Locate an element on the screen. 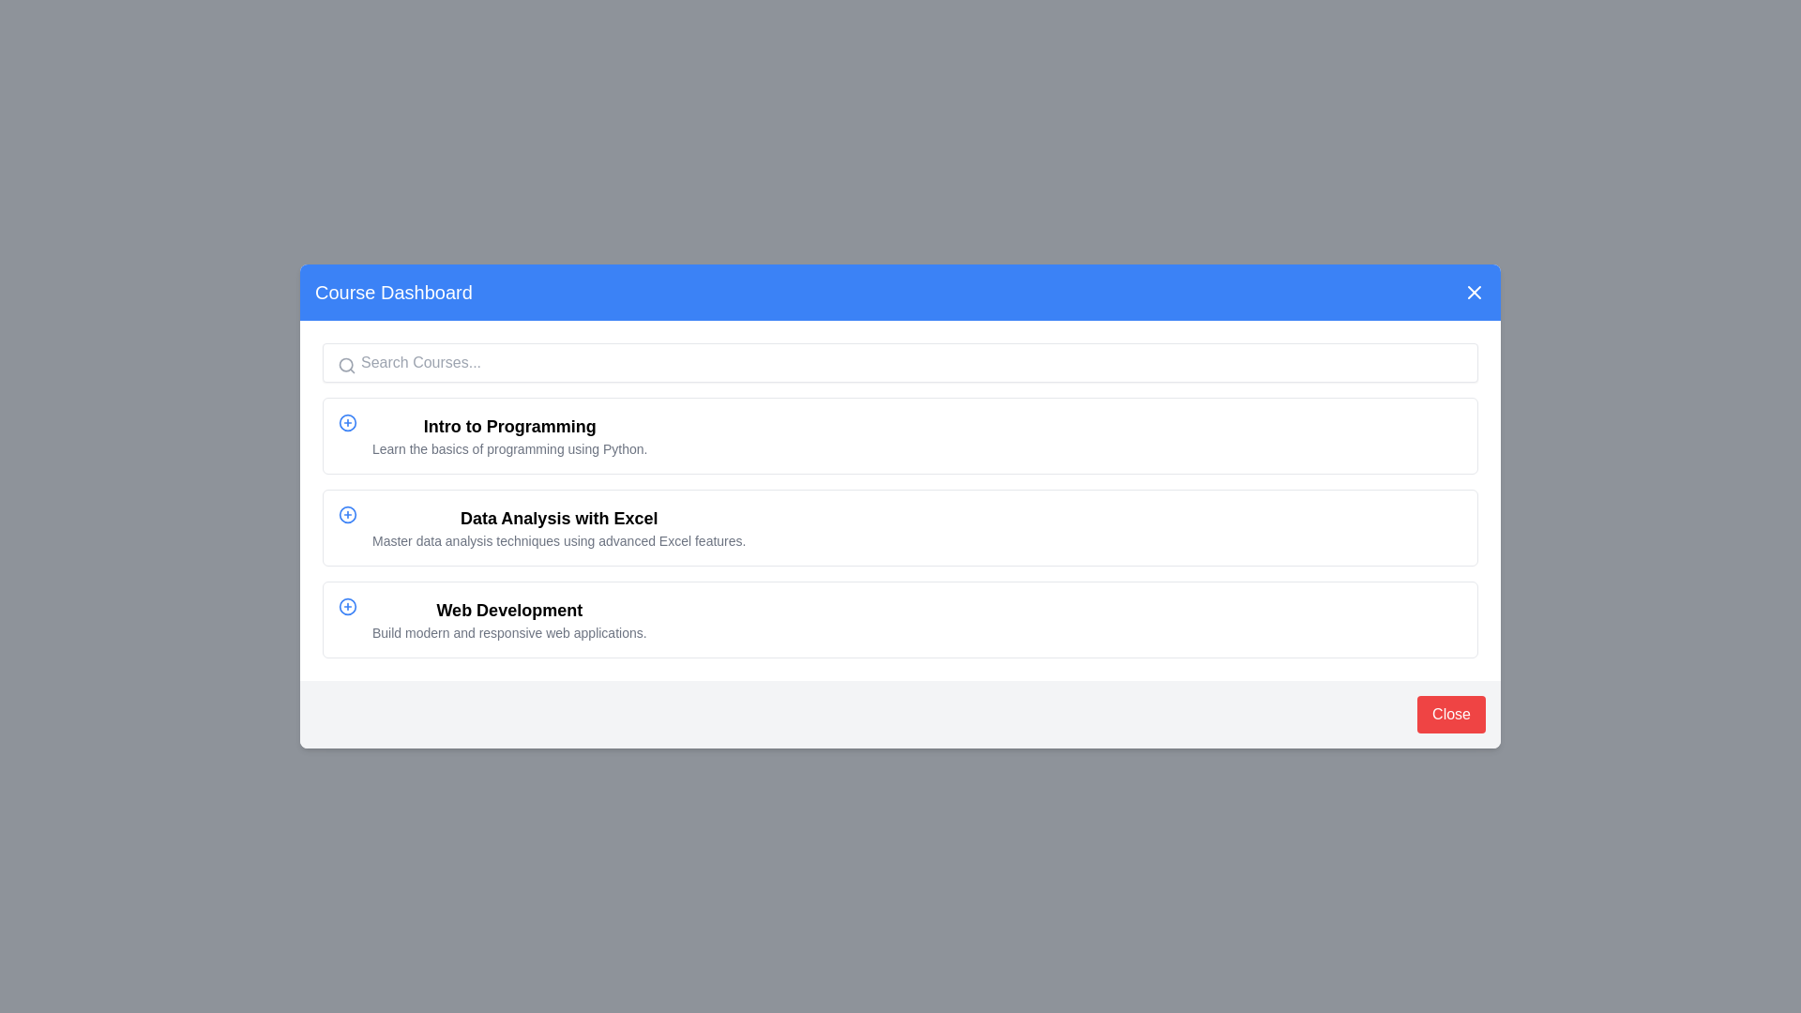 The image size is (1801, 1013). the small square button with an 'X' icon located in the top-right corner of the blue header section is located at coordinates (1473, 293).